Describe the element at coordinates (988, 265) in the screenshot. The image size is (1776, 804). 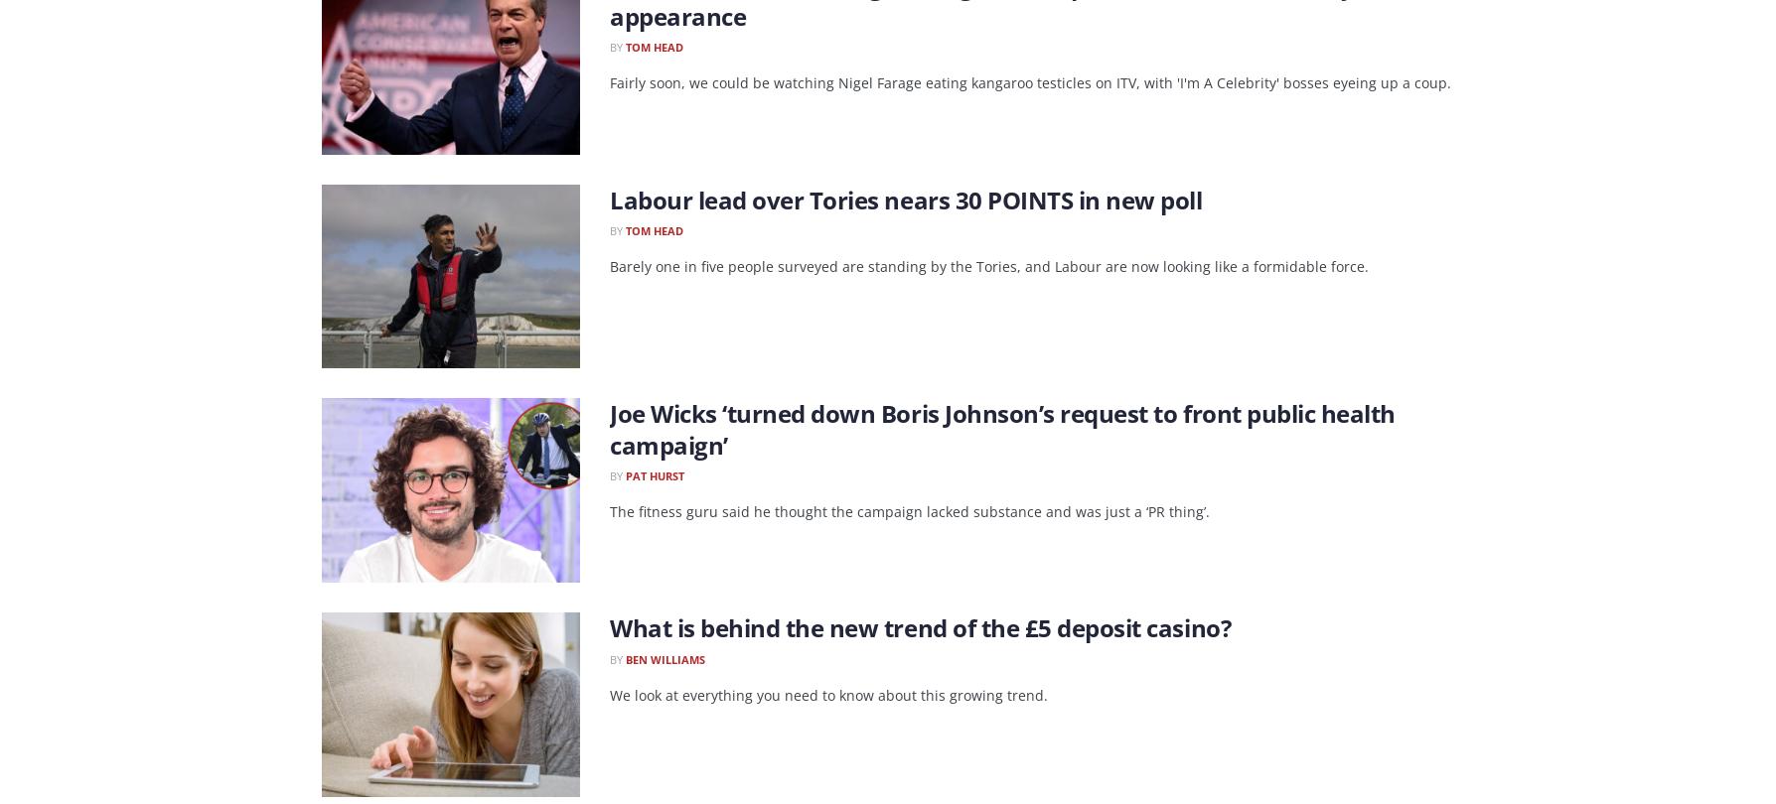
I see `'Barely one in five people surveyed are standing by the Tories, and Labour are now looking like a formidable force.'` at that location.